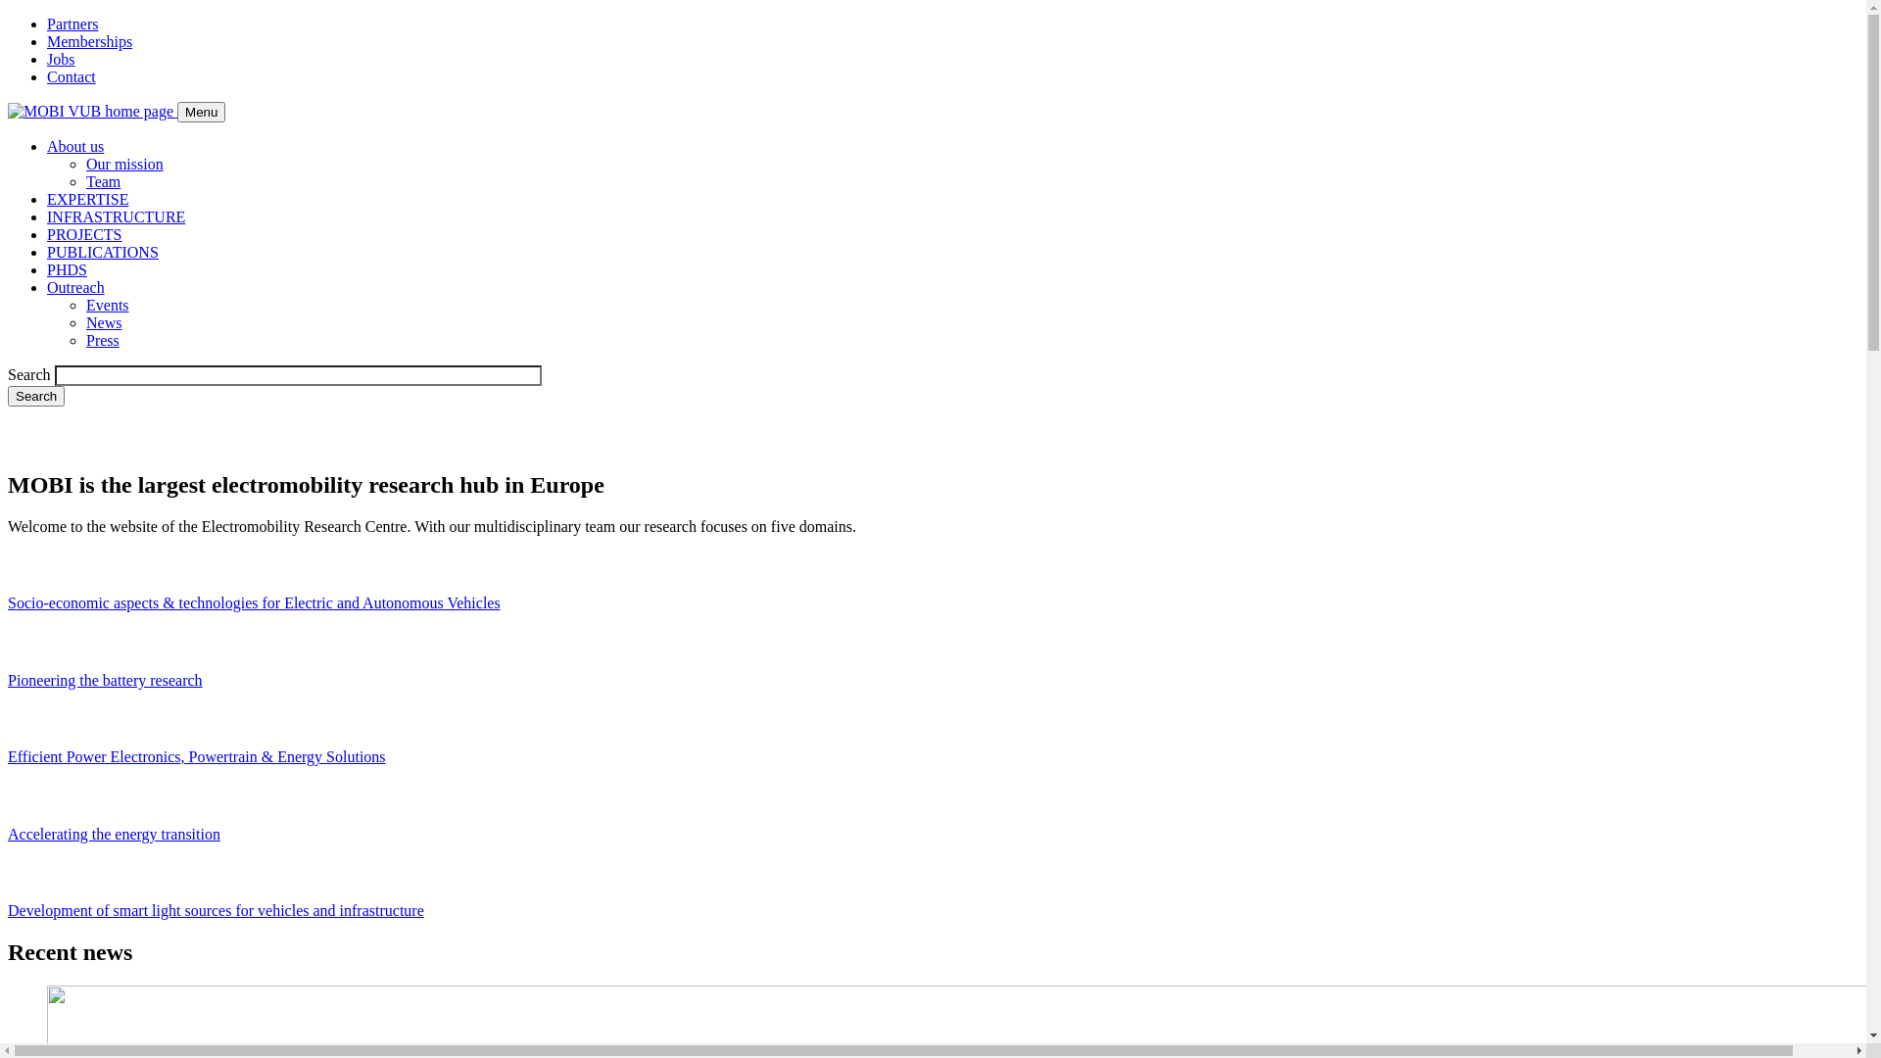 The height and width of the screenshot is (1058, 1881). What do you see at coordinates (88, 41) in the screenshot?
I see `'Memberships'` at bounding box center [88, 41].